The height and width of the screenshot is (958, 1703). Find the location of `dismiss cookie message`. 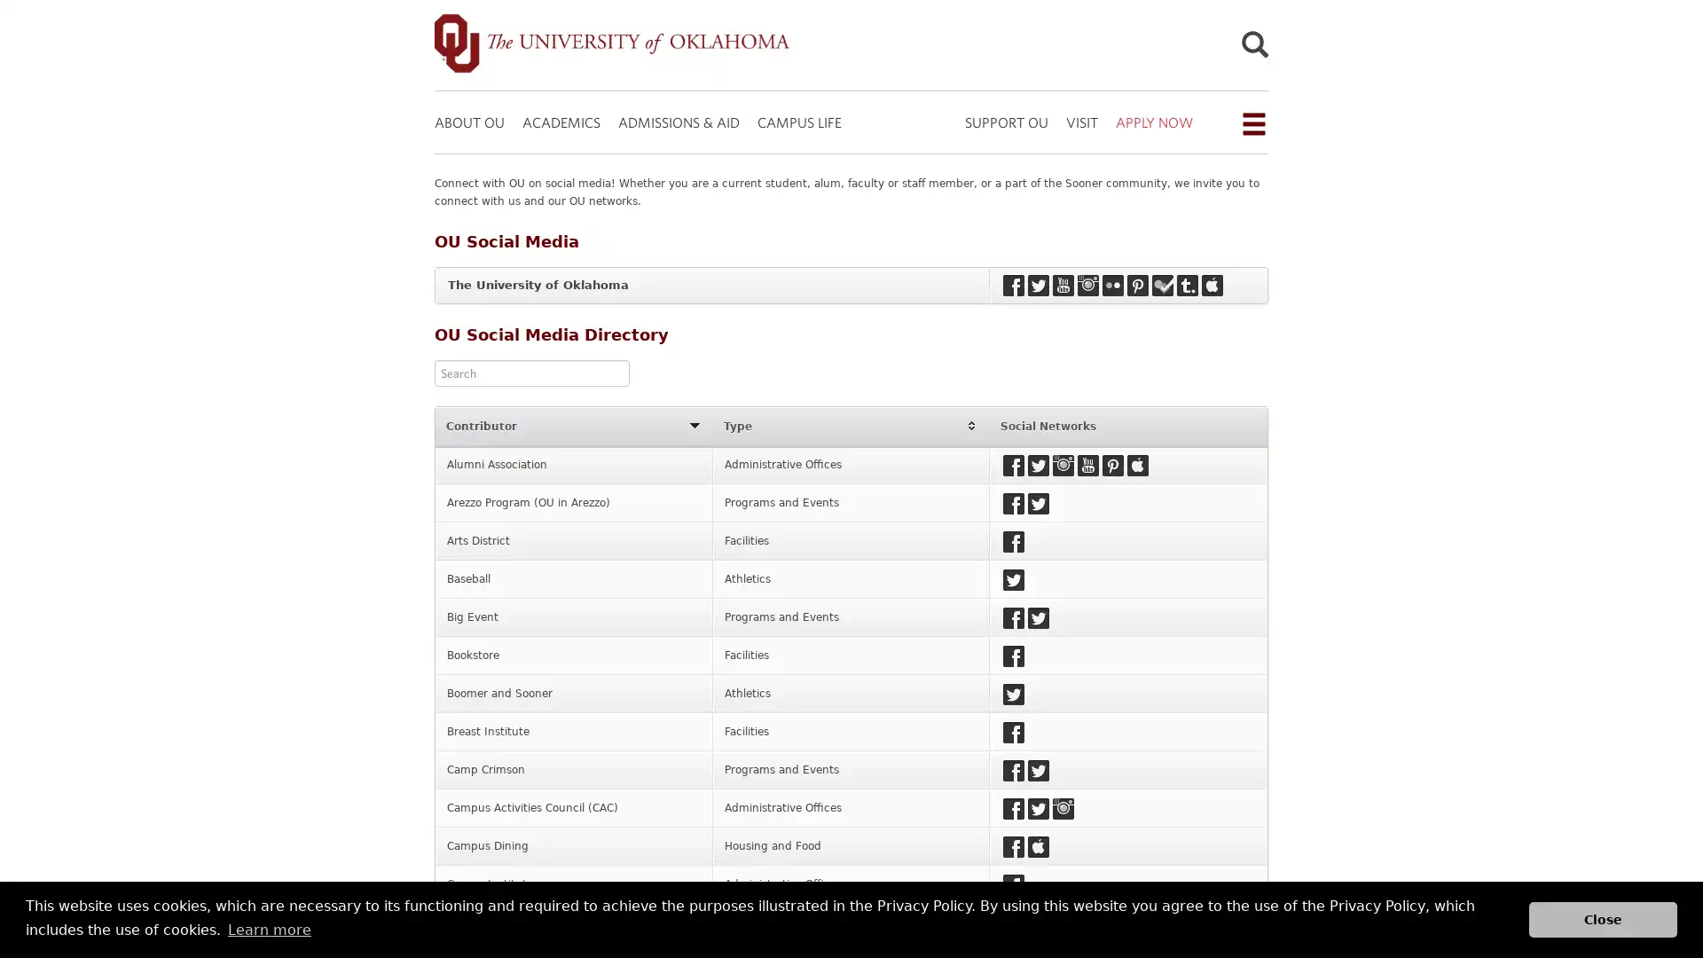

dismiss cookie message is located at coordinates (1603, 918).